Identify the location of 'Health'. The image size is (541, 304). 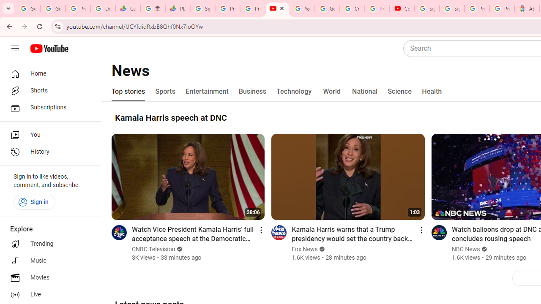
(432, 92).